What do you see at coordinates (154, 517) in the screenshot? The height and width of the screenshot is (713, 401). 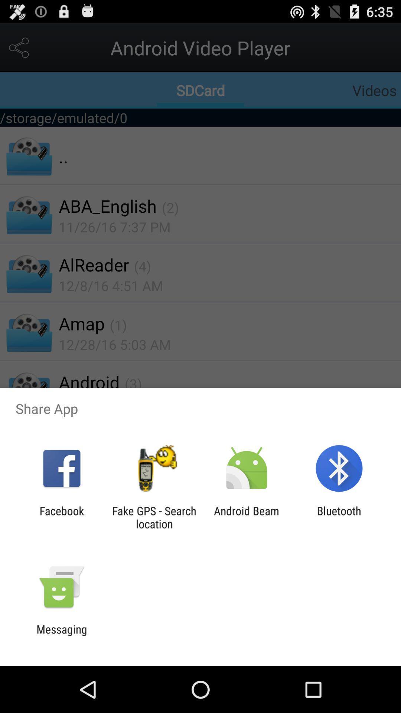 I see `the icon to the right of the facebook item` at bounding box center [154, 517].